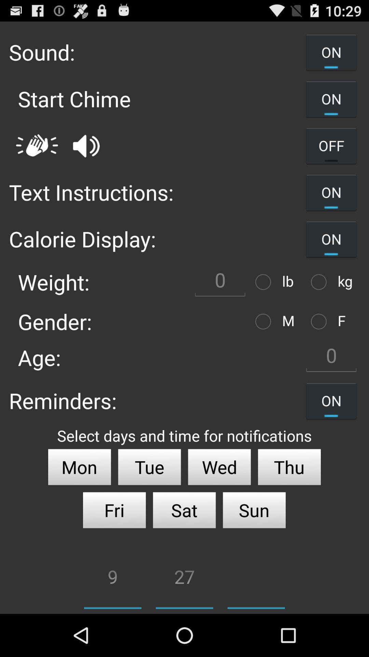 Image resolution: width=369 pixels, height=657 pixels. What do you see at coordinates (264, 321) in the screenshot?
I see `choose option` at bounding box center [264, 321].